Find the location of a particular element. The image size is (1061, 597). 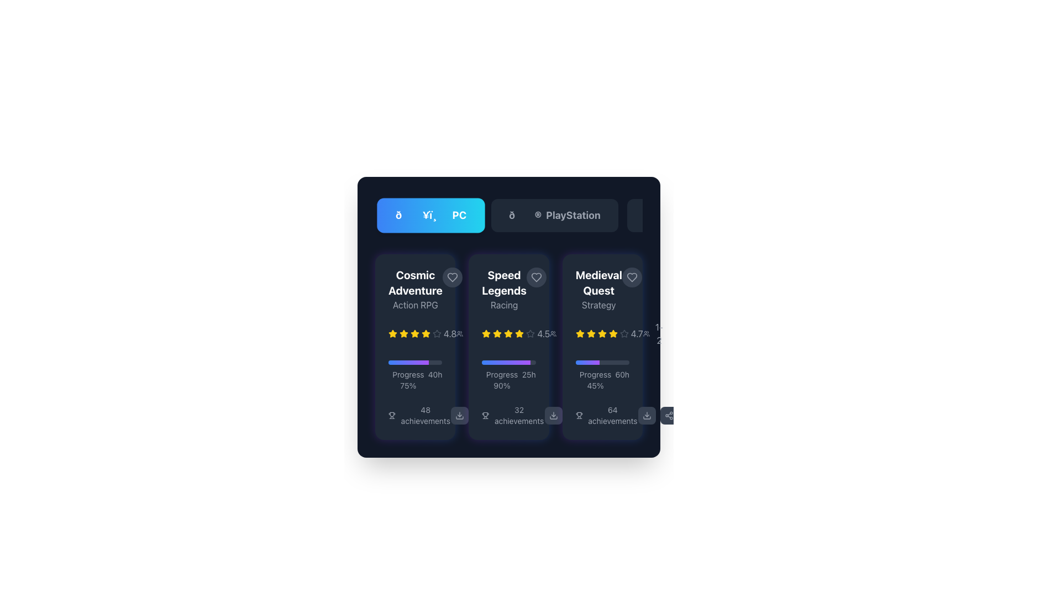

the horizontal progress bar with a gradient from blue to purple, located in the 'Speed Legends' card, below the star rating and above 'Progress 25h 90%' is located at coordinates (508, 362).